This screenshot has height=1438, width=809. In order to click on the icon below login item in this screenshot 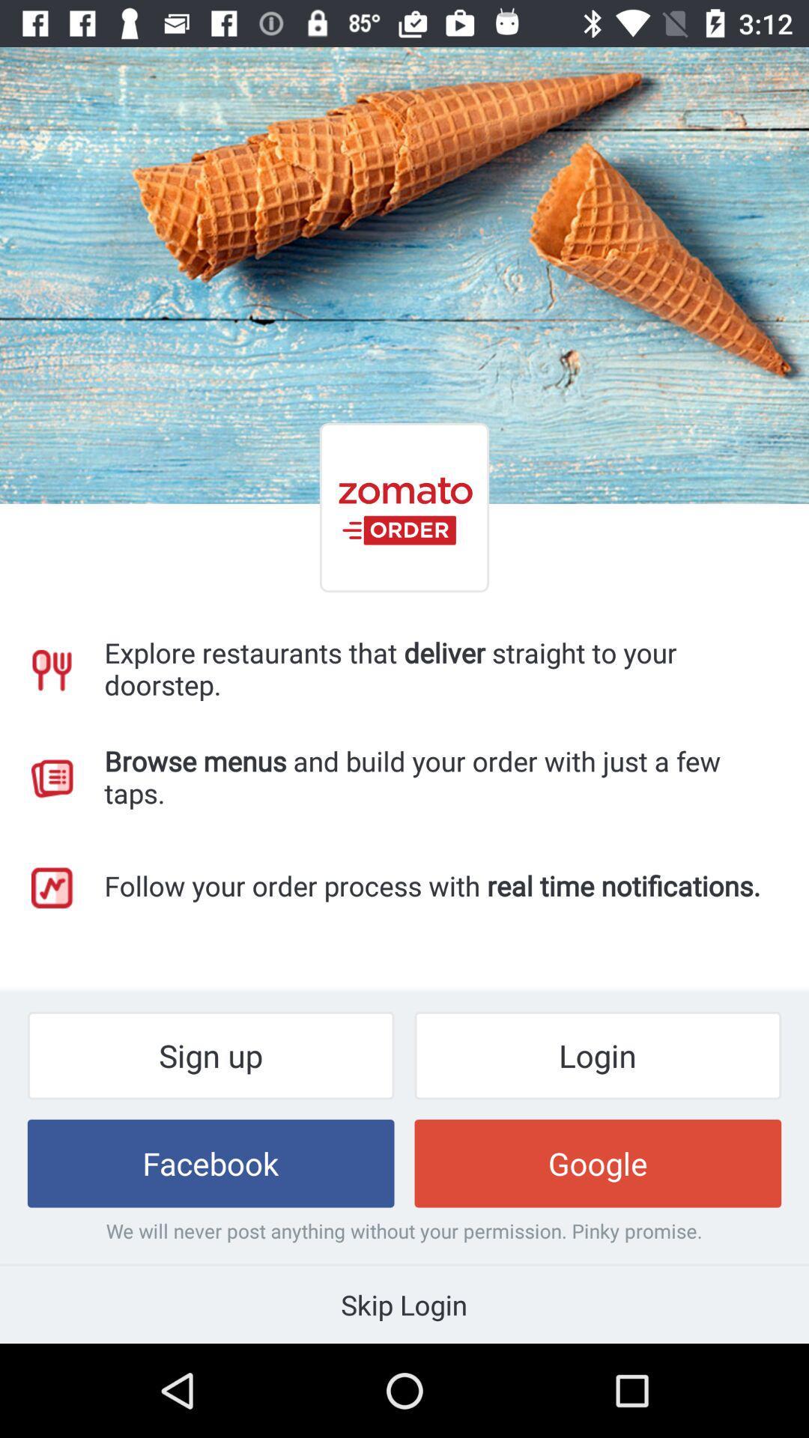, I will do `click(597, 1162)`.